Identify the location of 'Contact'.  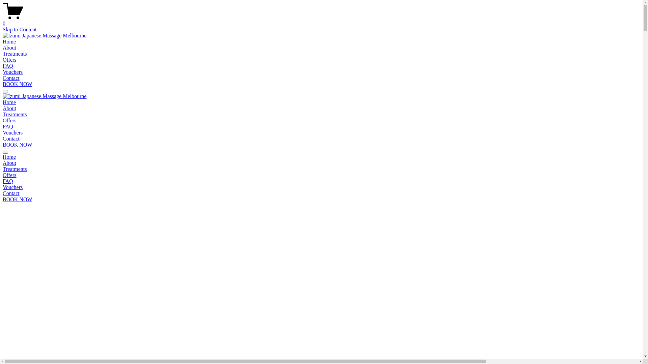
(11, 78).